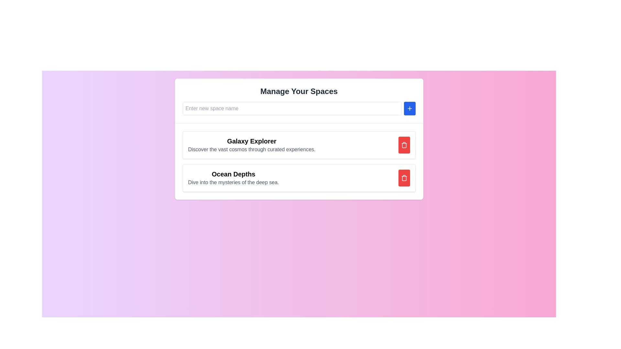  Describe the element at coordinates (404, 178) in the screenshot. I see `the delete button associated with the item 'Ocean Depths'` at that location.